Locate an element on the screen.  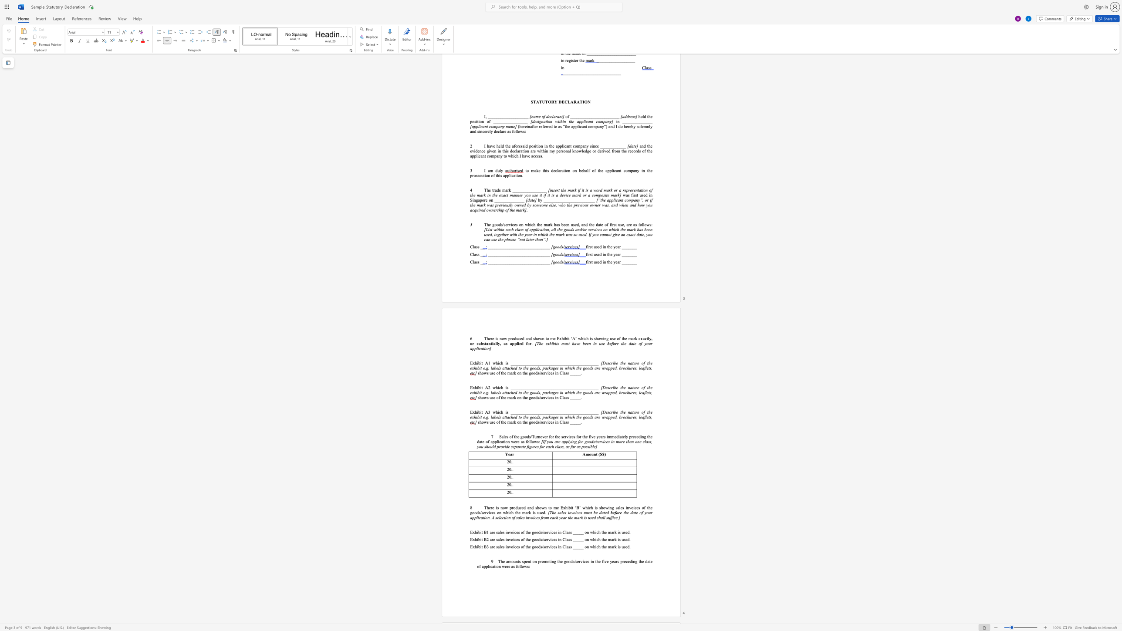
the subset text "le" within the text "labels attached to the goods, packages in which the goods are wrapped, brochures, leaflets," is located at coordinates (638, 416).